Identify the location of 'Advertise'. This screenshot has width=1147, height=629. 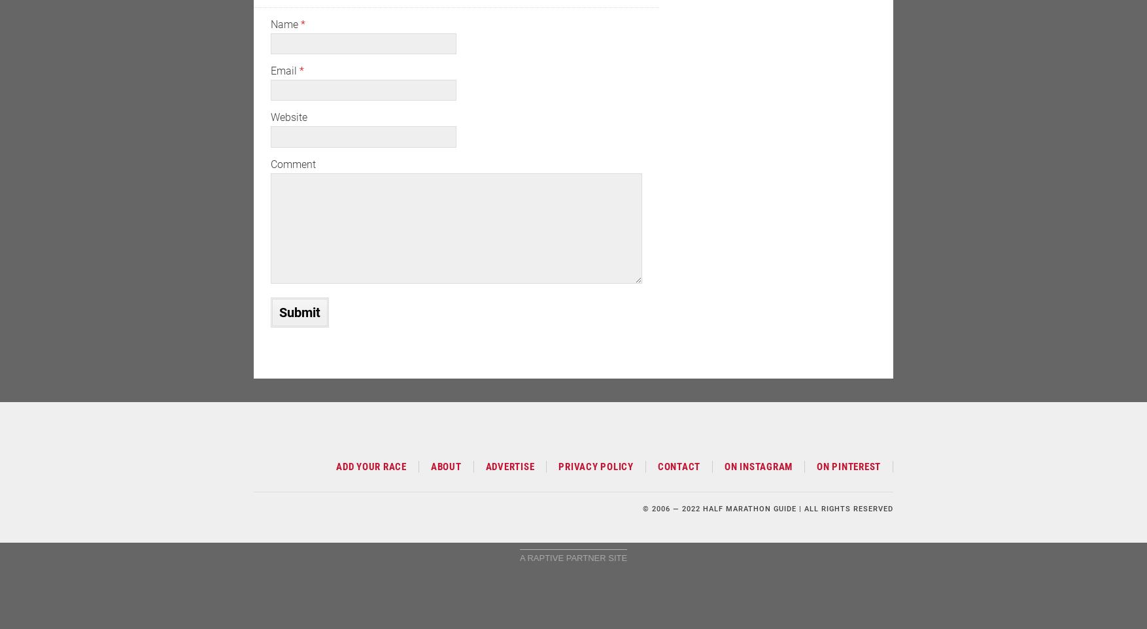
(509, 466).